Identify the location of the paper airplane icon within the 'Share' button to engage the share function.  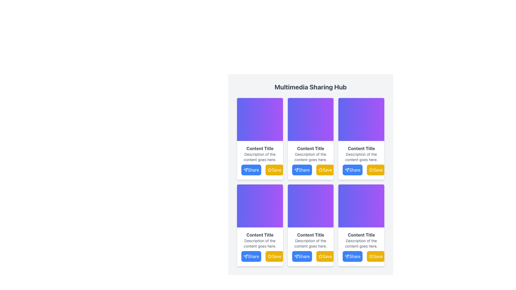
(347, 256).